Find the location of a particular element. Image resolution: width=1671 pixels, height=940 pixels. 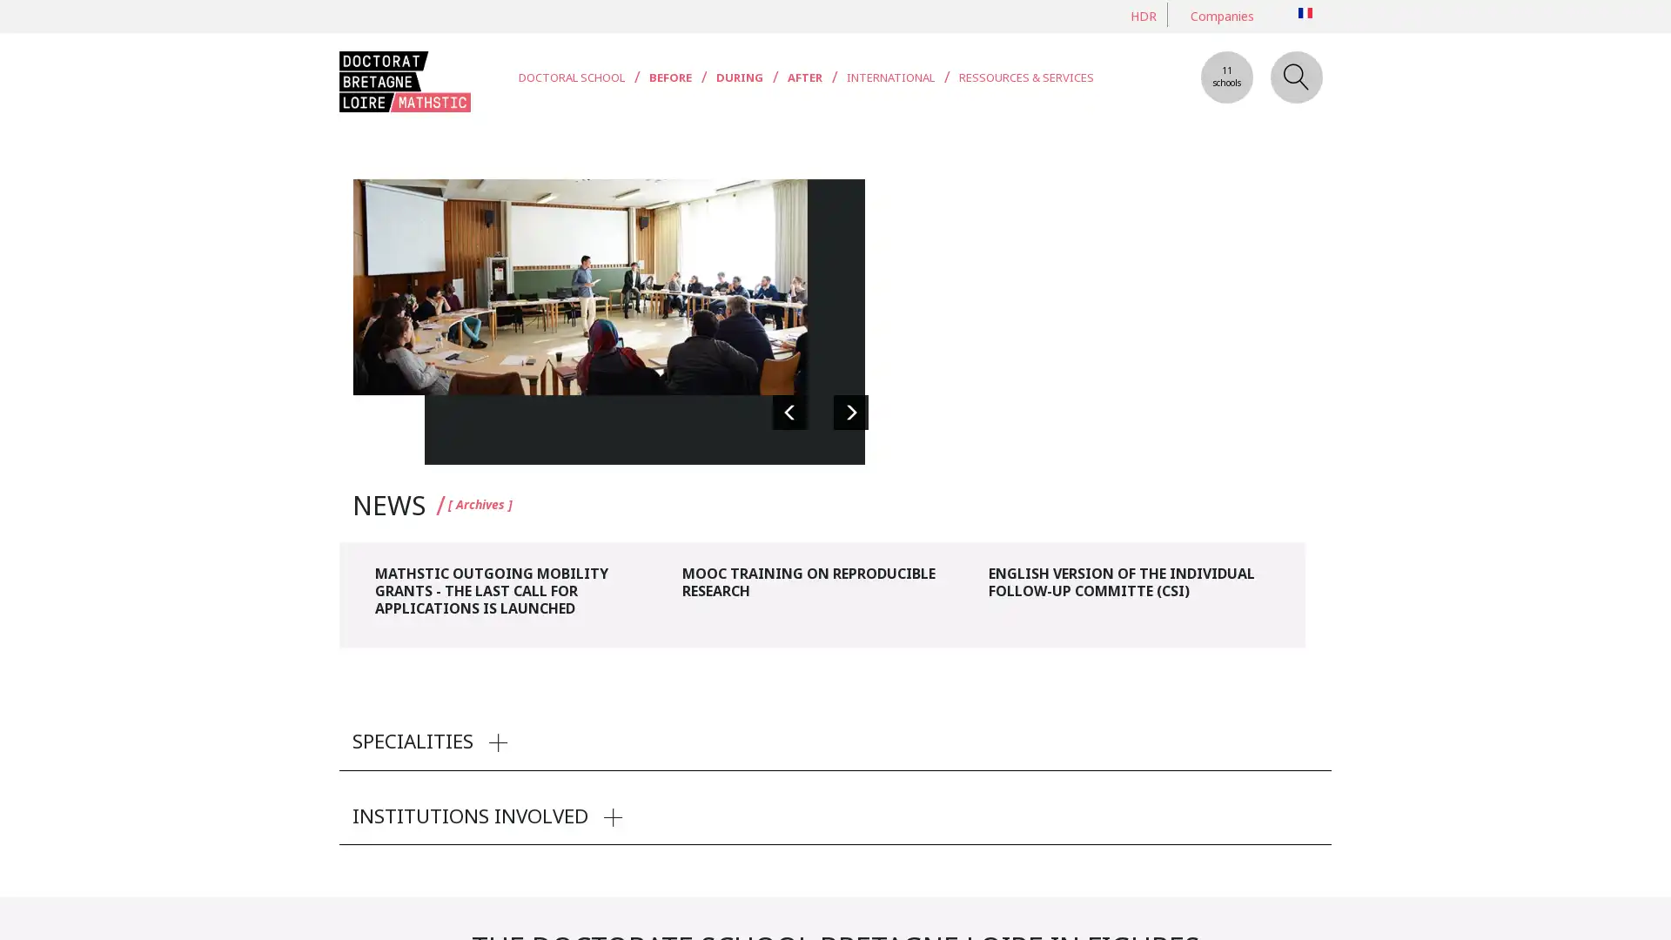

Search is located at coordinates (1296, 76).